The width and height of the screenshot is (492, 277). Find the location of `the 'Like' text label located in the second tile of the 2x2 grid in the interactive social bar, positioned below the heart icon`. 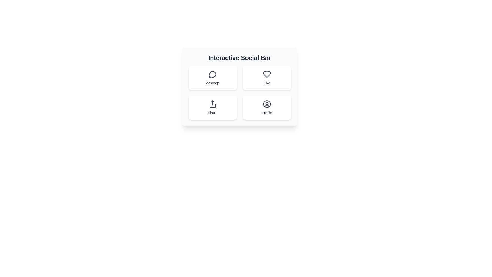

the 'Like' text label located in the second tile of the 2x2 grid in the interactive social bar, positioned below the heart icon is located at coordinates (266, 83).